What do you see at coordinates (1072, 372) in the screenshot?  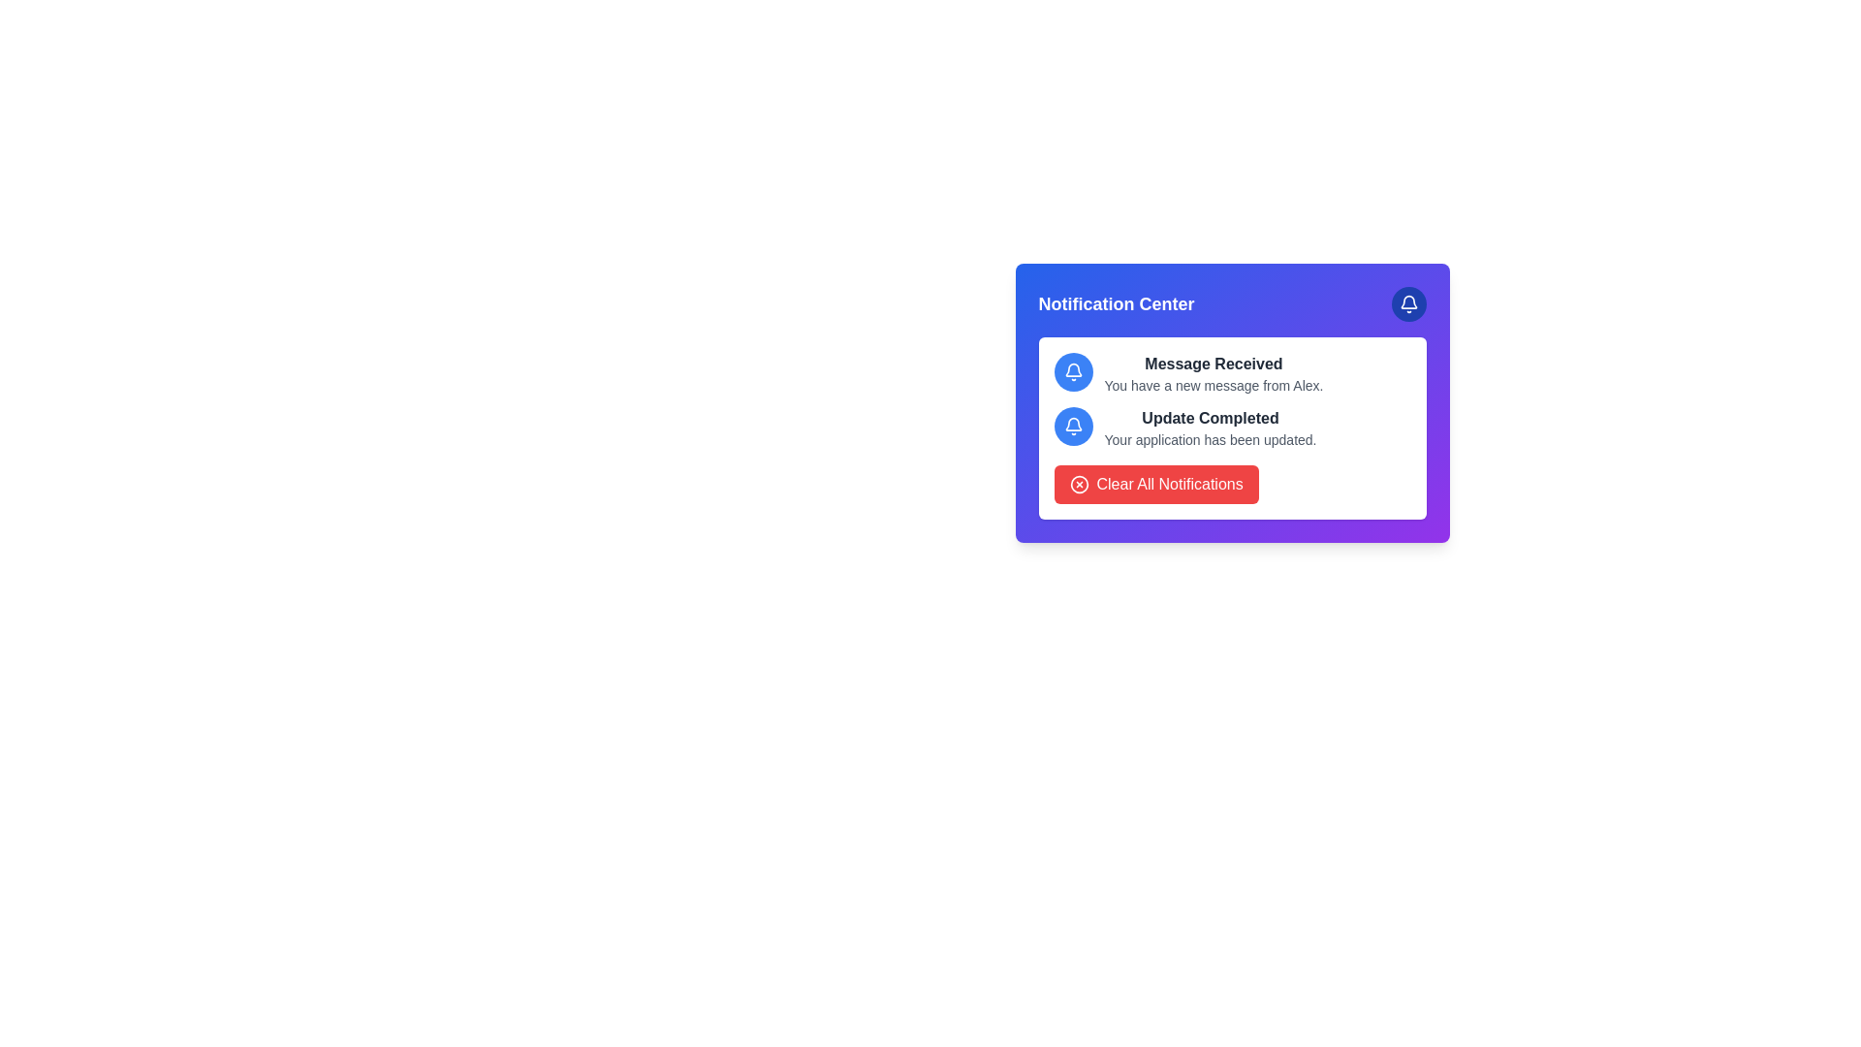 I see `the small bell icon located at the top-right corner of the 'Notification Center'` at bounding box center [1072, 372].